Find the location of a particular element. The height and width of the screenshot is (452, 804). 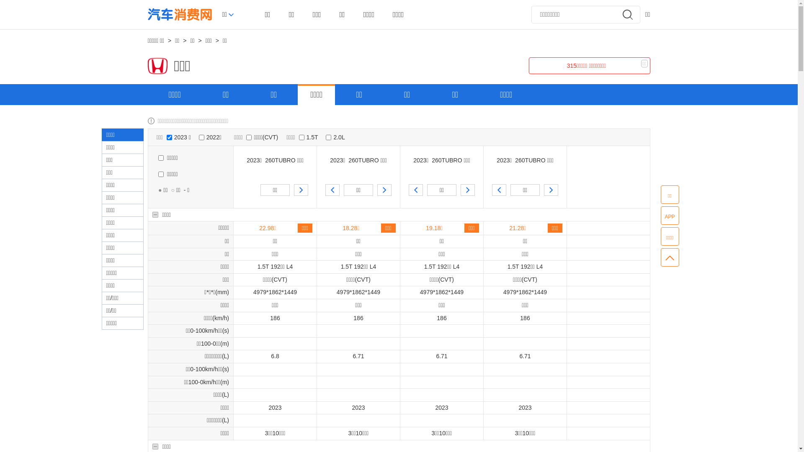

'APP' is located at coordinates (669, 215).